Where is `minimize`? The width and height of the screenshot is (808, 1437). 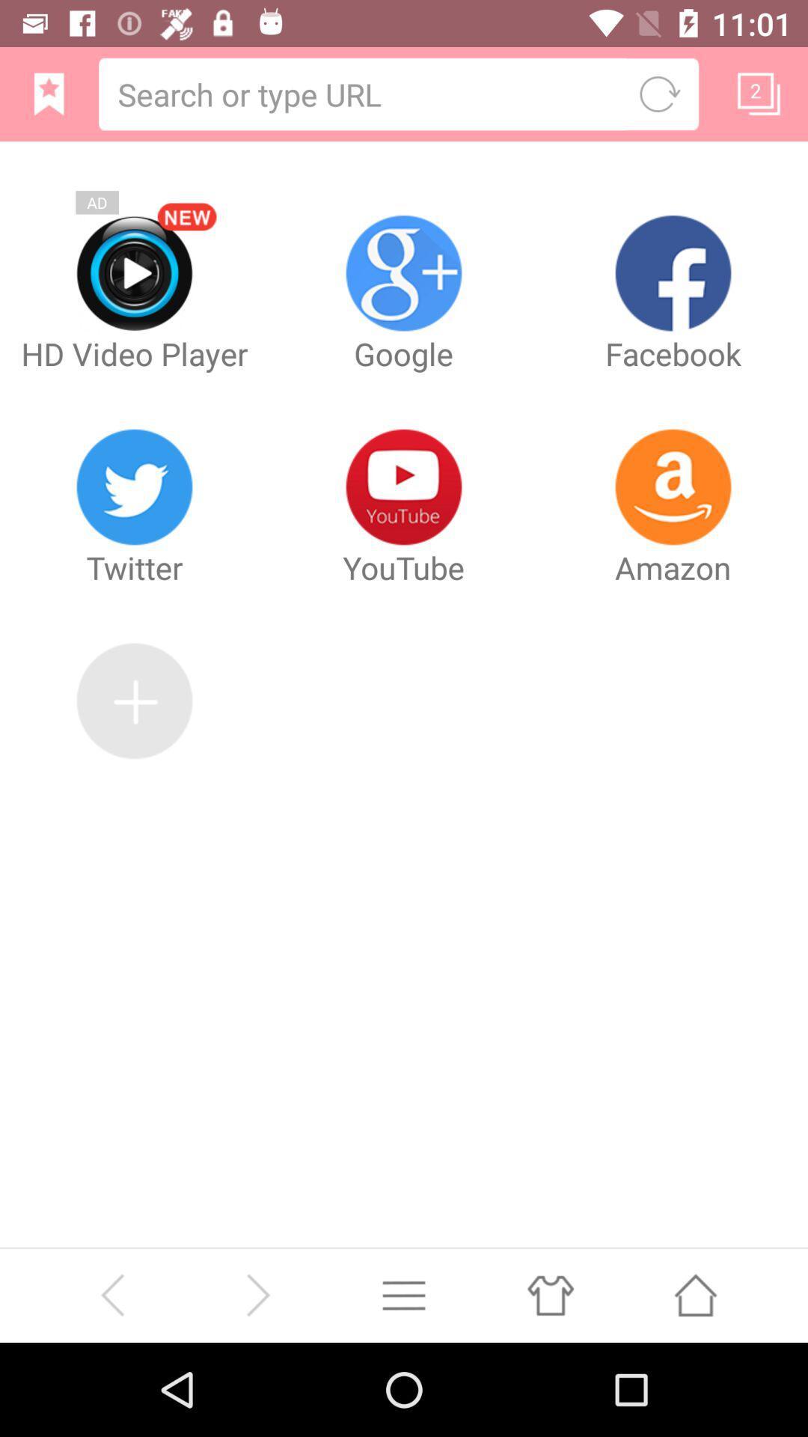 minimize is located at coordinates (404, 1294).